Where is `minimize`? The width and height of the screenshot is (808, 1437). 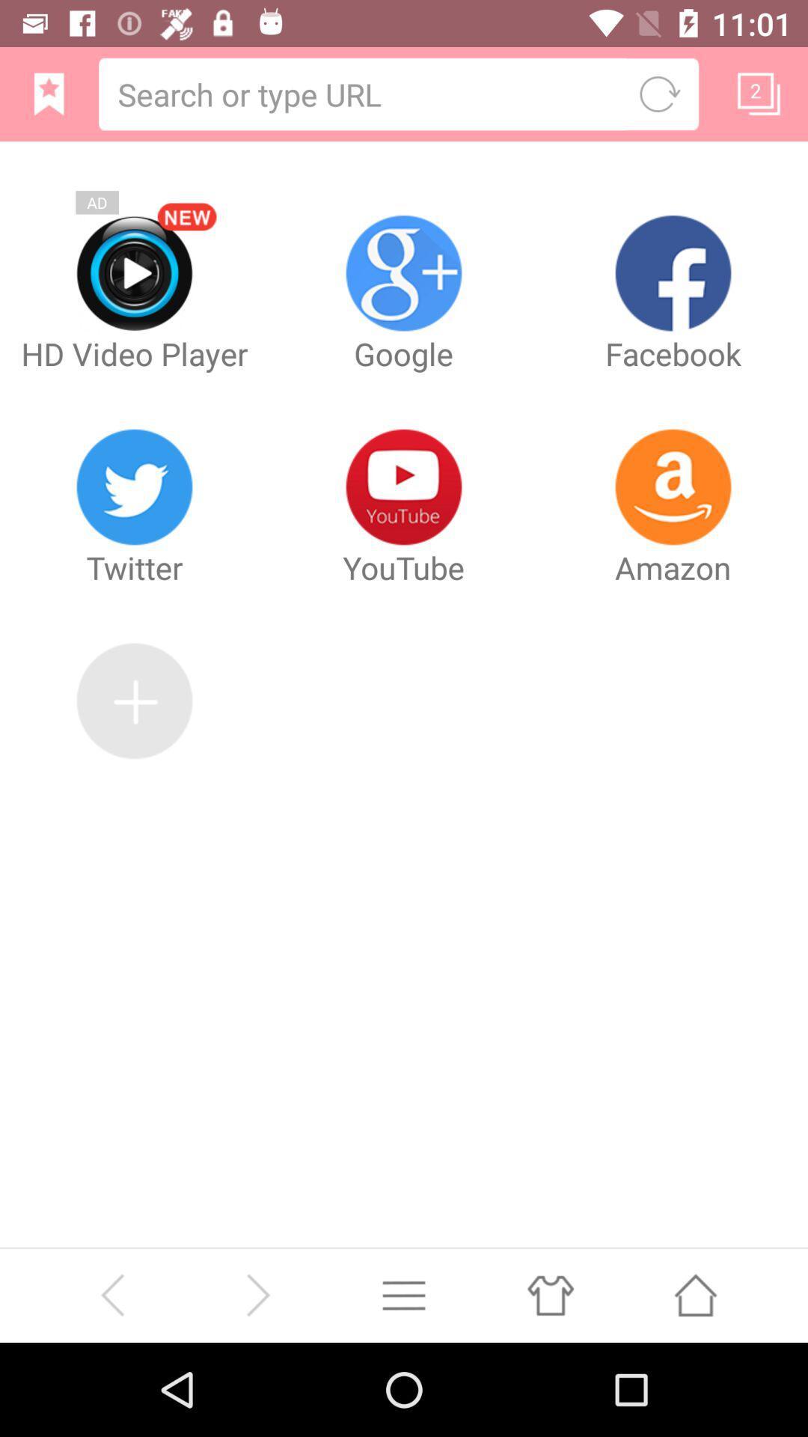 minimize is located at coordinates (404, 1294).